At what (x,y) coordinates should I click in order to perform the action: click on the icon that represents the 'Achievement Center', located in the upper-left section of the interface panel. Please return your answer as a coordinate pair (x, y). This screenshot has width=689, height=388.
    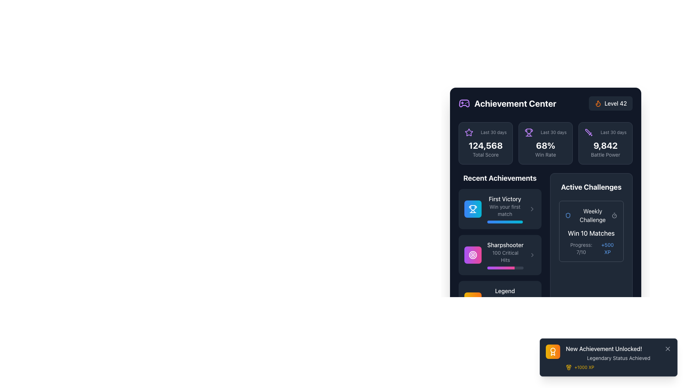
    Looking at the image, I should click on (464, 103).